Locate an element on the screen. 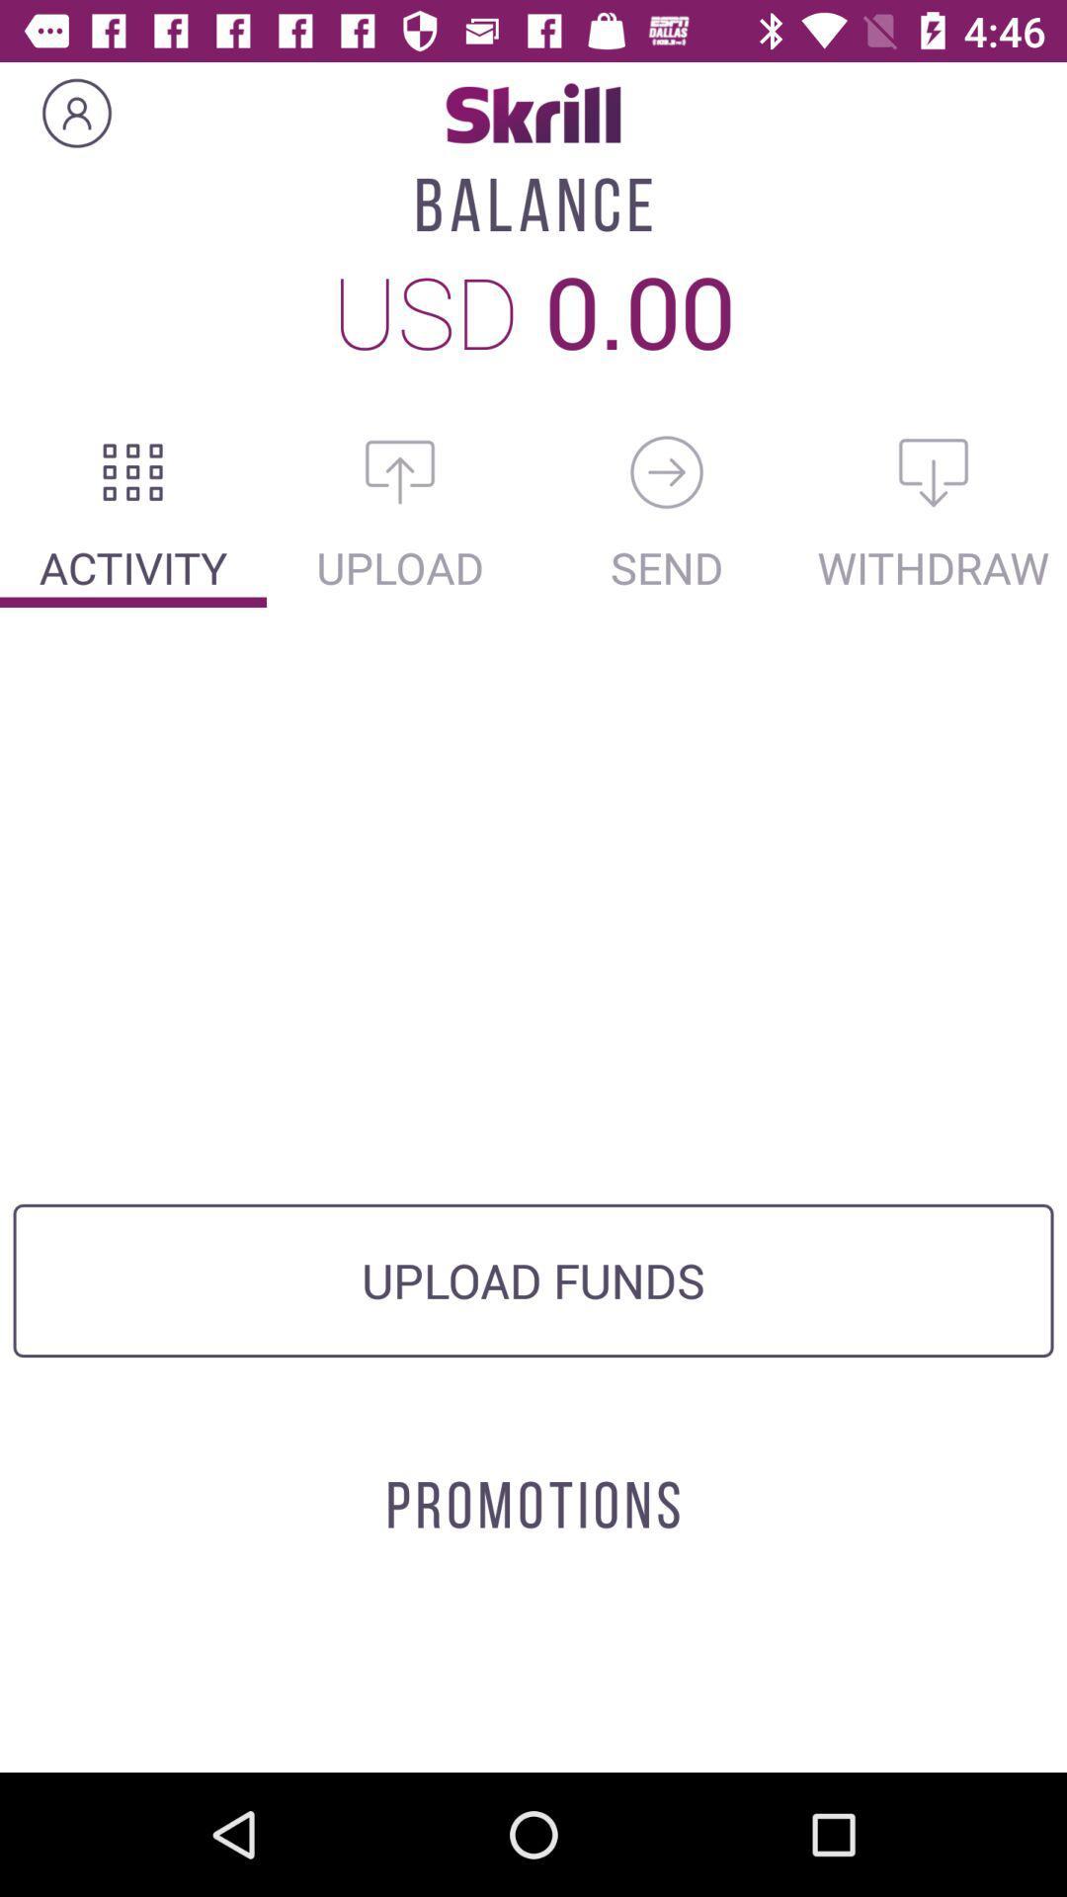 This screenshot has width=1067, height=1897. send is located at coordinates (667, 471).